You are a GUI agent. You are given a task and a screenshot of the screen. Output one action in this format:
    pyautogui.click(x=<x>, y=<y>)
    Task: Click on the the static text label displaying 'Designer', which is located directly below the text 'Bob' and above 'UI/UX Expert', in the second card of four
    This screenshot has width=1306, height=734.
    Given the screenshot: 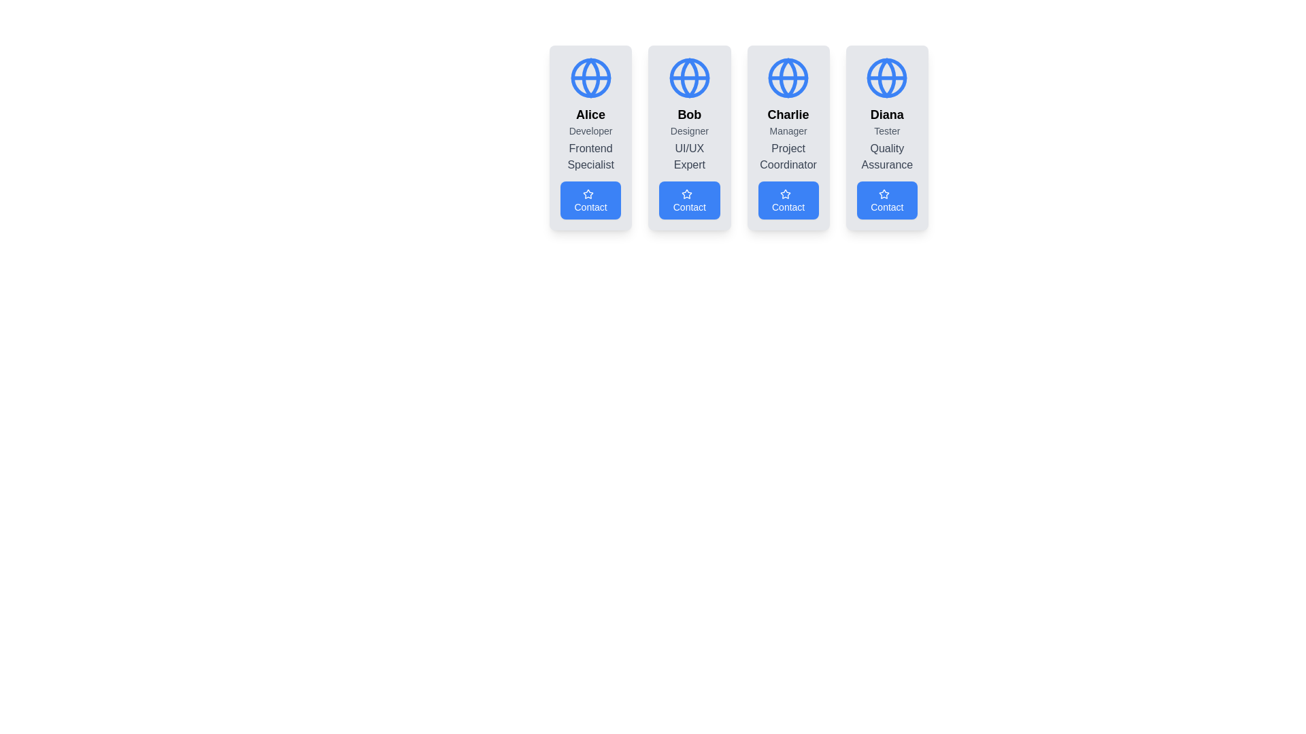 What is the action you would take?
    pyautogui.click(x=689, y=130)
    